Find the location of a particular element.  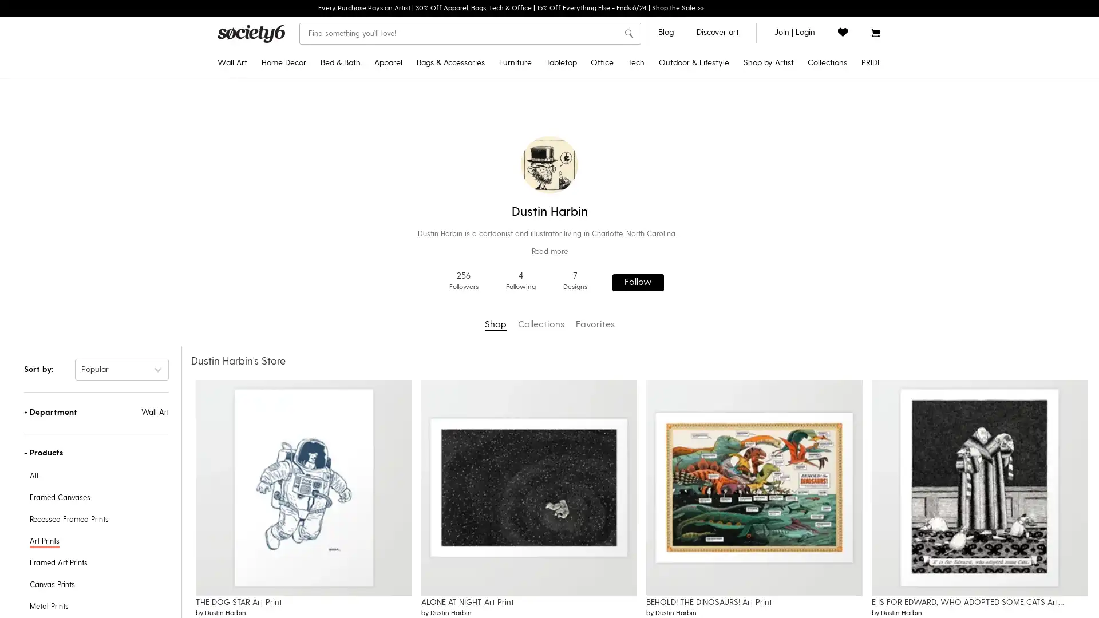

Tech is located at coordinates (635, 63).